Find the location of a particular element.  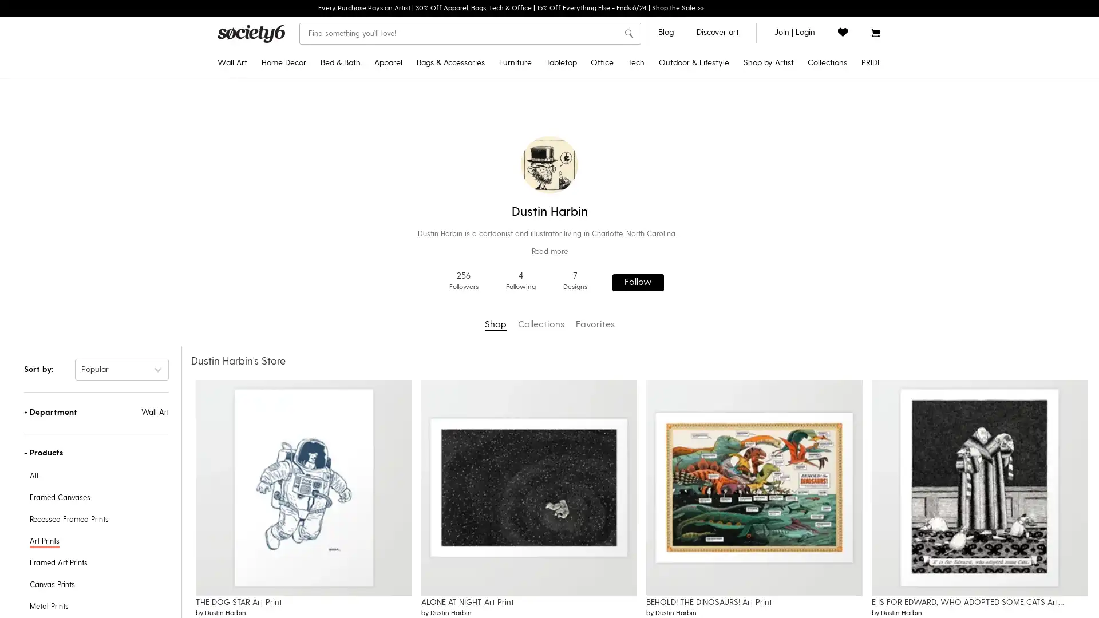

Tech is located at coordinates (635, 63).